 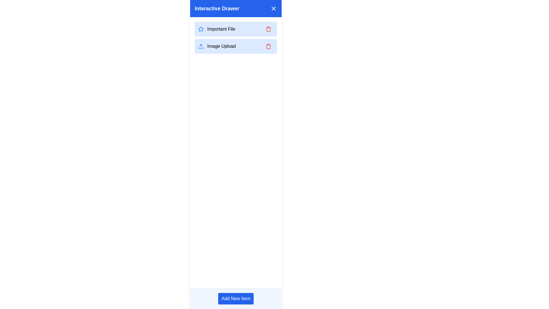 What do you see at coordinates (201, 29) in the screenshot?
I see `the star icon located inside the 'Important File' entry in the interactive drawer` at bounding box center [201, 29].